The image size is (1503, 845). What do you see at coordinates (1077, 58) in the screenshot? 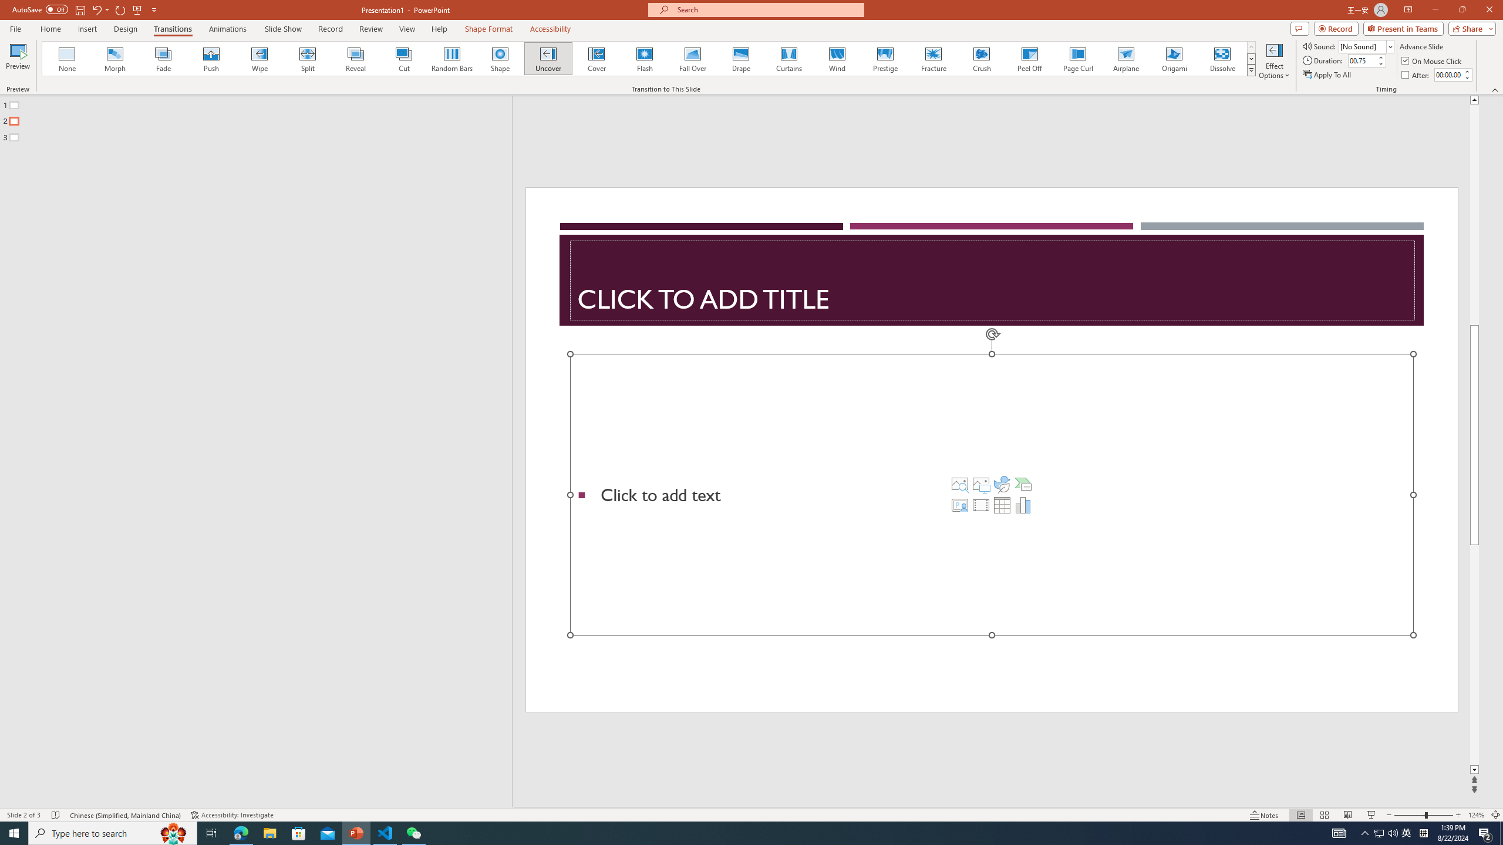
I see `'Page Curl'` at bounding box center [1077, 58].